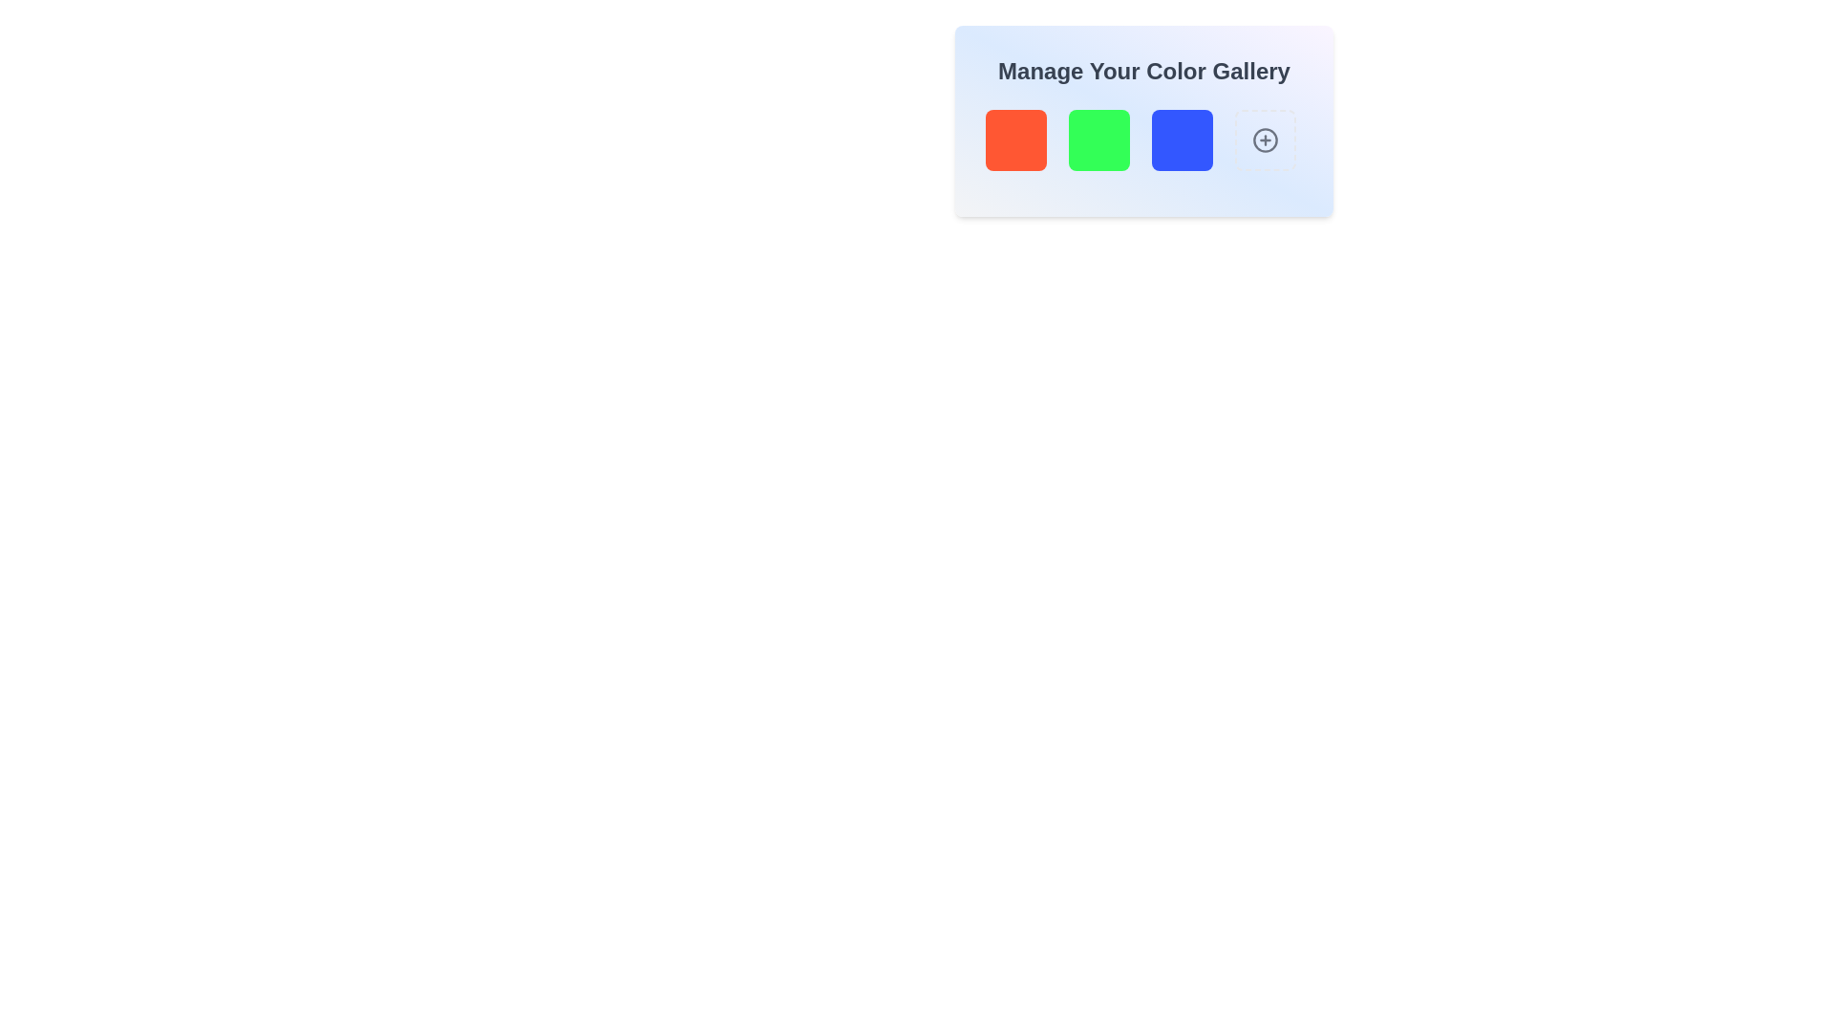  What do you see at coordinates (1015, 139) in the screenshot?
I see `the first colored indicator square in the 'Manage Your Color Gallery'` at bounding box center [1015, 139].